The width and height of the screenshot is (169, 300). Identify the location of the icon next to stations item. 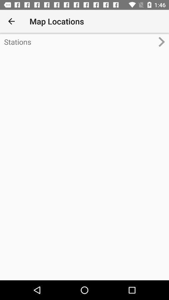
(164, 41).